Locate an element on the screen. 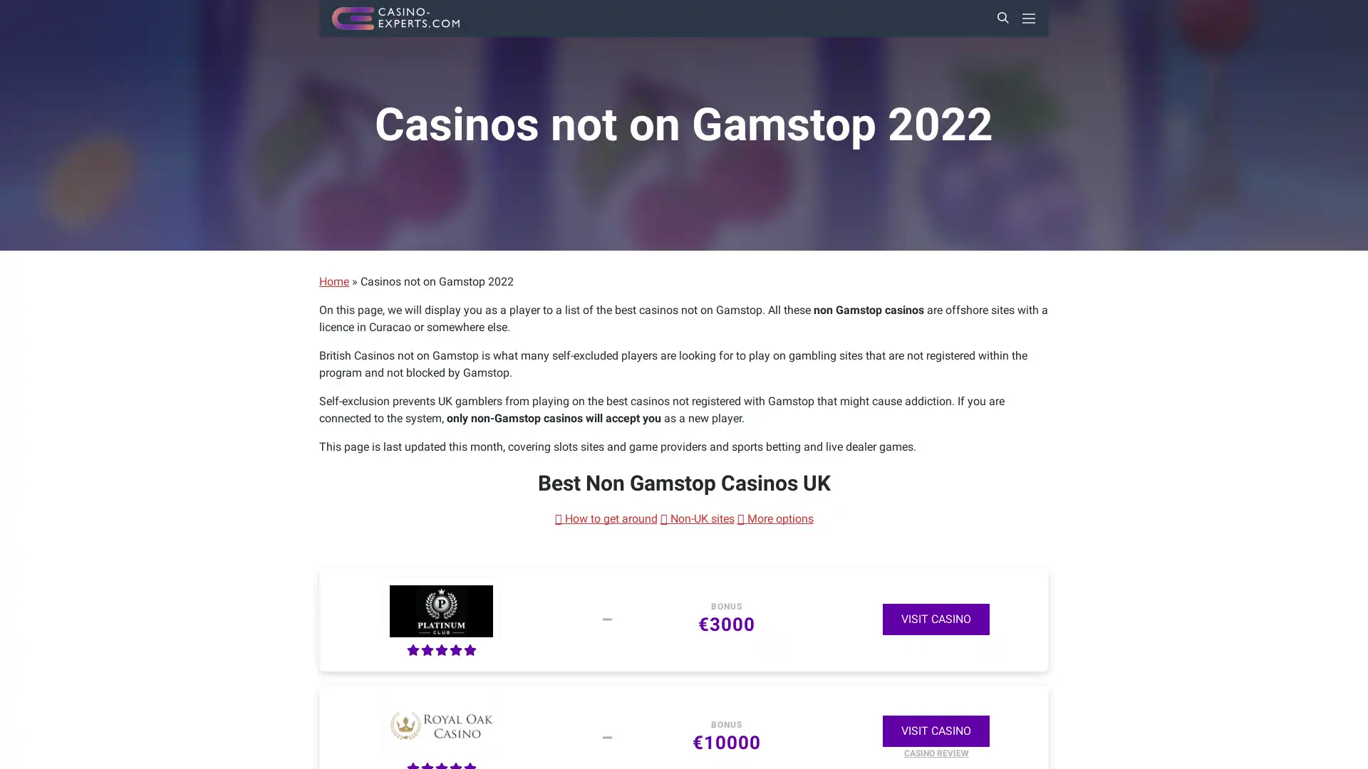 The height and width of the screenshot is (769, 1368). Primary Menu is located at coordinates (1029, 19).